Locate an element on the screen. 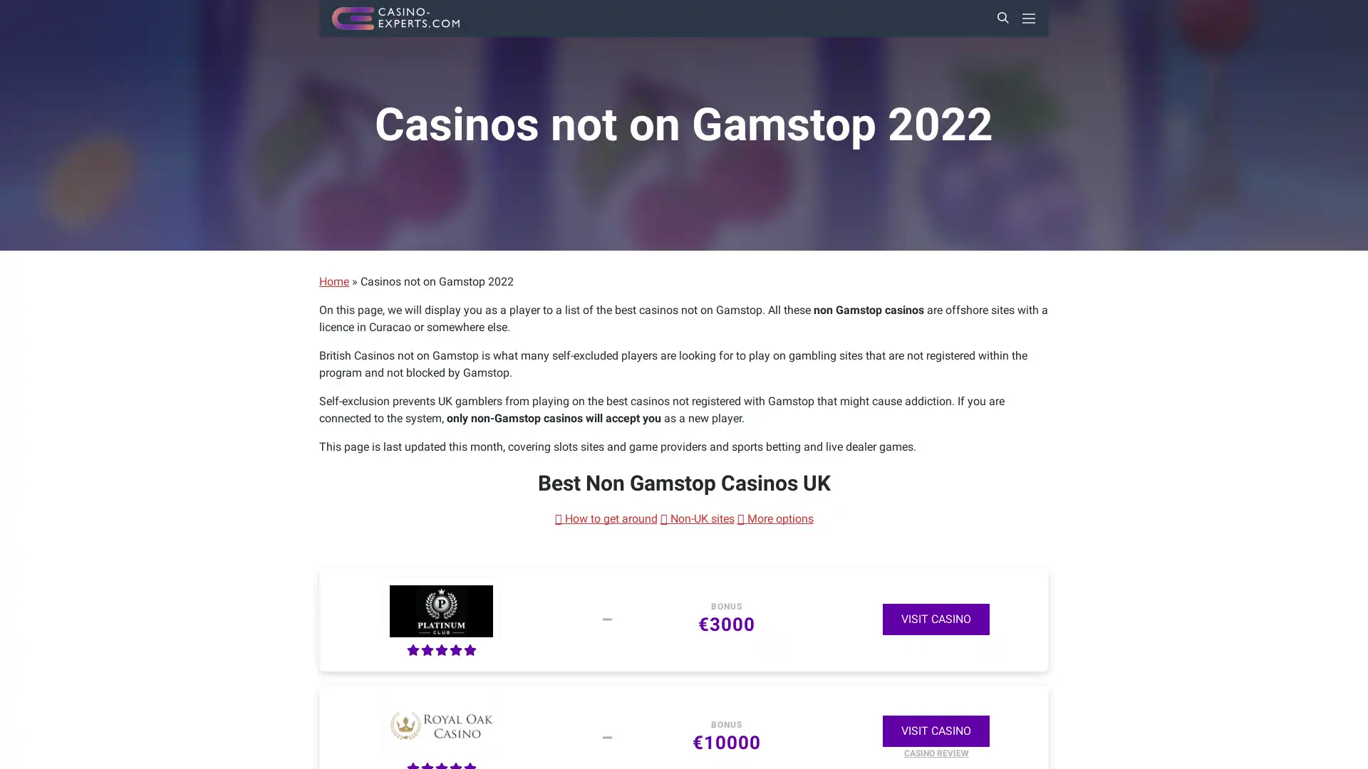 The height and width of the screenshot is (769, 1368). Primary Menu is located at coordinates (1029, 19).